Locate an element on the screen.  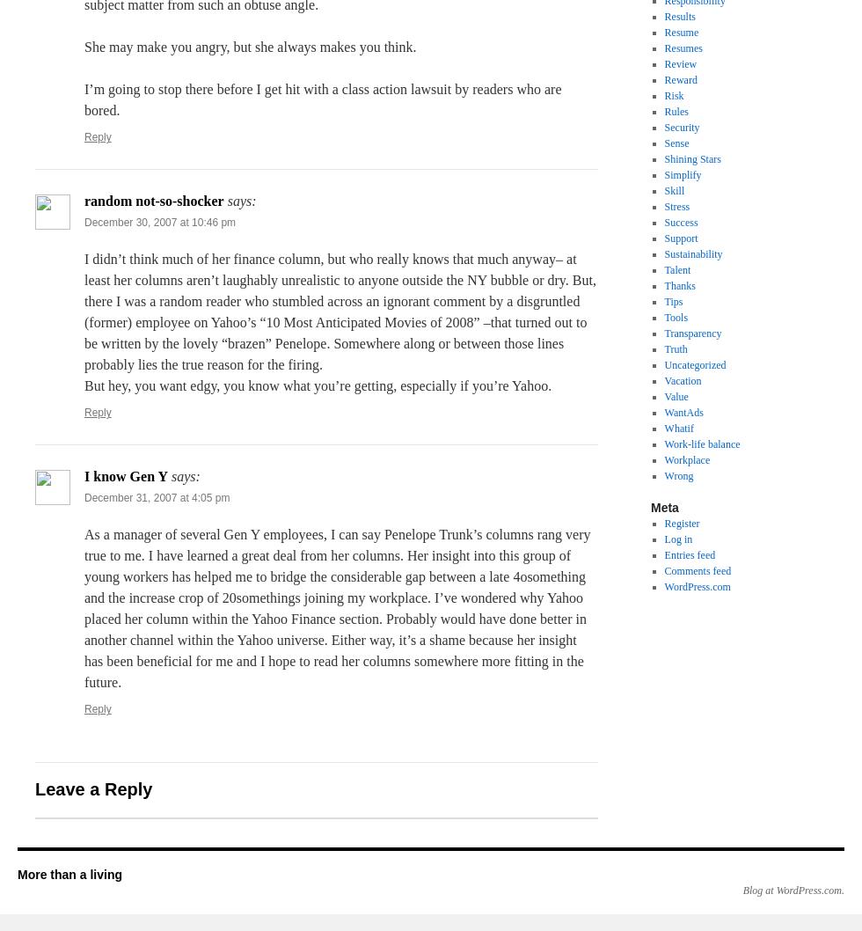
'Register' is located at coordinates (681, 524).